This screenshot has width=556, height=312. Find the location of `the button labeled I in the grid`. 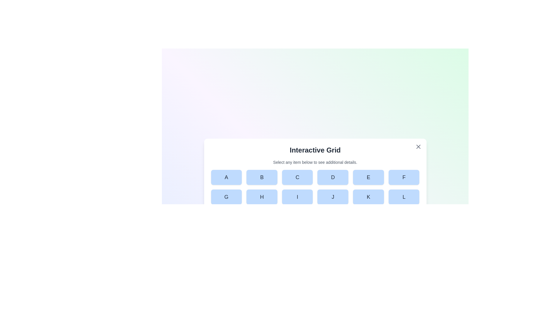

the button labeled I in the grid is located at coordinates (297, 197).